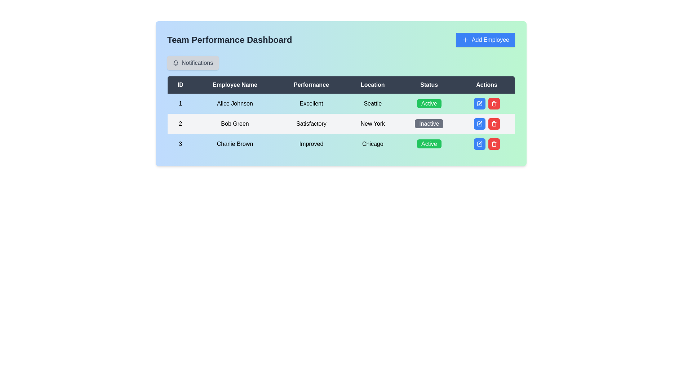 The image size is (692, 389). Describe the element at coordinates (479, 123) in the screenshot. I see `the edit icon in the Actions column of the second row for the employee named 'Bob Green'` at that location.